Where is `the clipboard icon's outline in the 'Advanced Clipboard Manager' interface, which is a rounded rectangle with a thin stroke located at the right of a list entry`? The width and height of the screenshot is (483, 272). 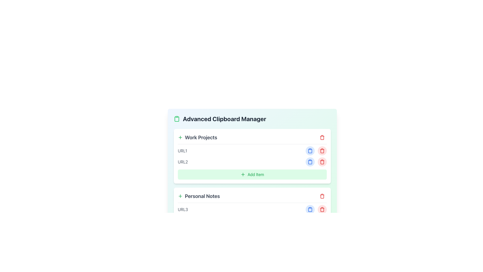
the clipboard icon's outline in the 'Advanced Clipboard Manager' interface, which is a rounded rectangle with a thin stroke located at the right of a list entry is located at coordinates (310, 210).